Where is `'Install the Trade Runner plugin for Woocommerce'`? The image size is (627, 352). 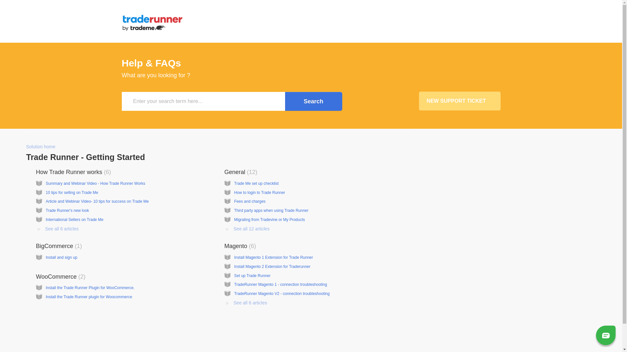
'Install the Trade Runner plugin for Woocommerce' is located at coordinates (88, 297).